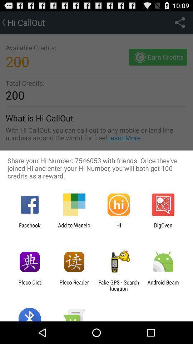 This screenshot has width=193, height=344. I want to click on icon next to hi, so click(74, 228).